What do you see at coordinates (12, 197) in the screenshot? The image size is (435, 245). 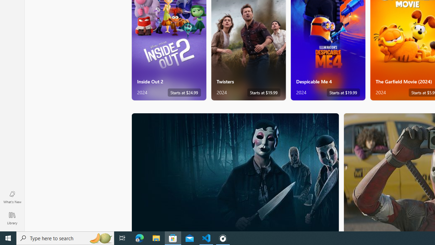 I see `'What'` at bounding box center [12, 197].